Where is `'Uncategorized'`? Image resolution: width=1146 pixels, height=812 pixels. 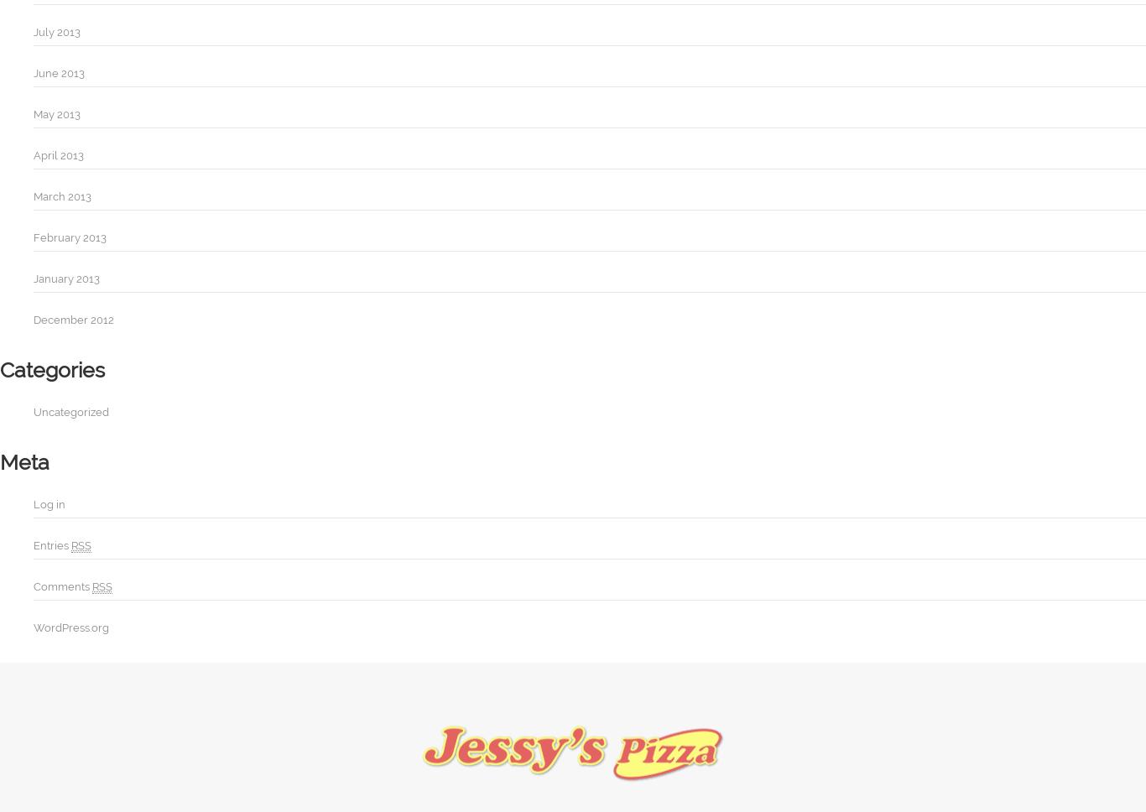
'Uncategorized' is located at coordinates (70, 412).